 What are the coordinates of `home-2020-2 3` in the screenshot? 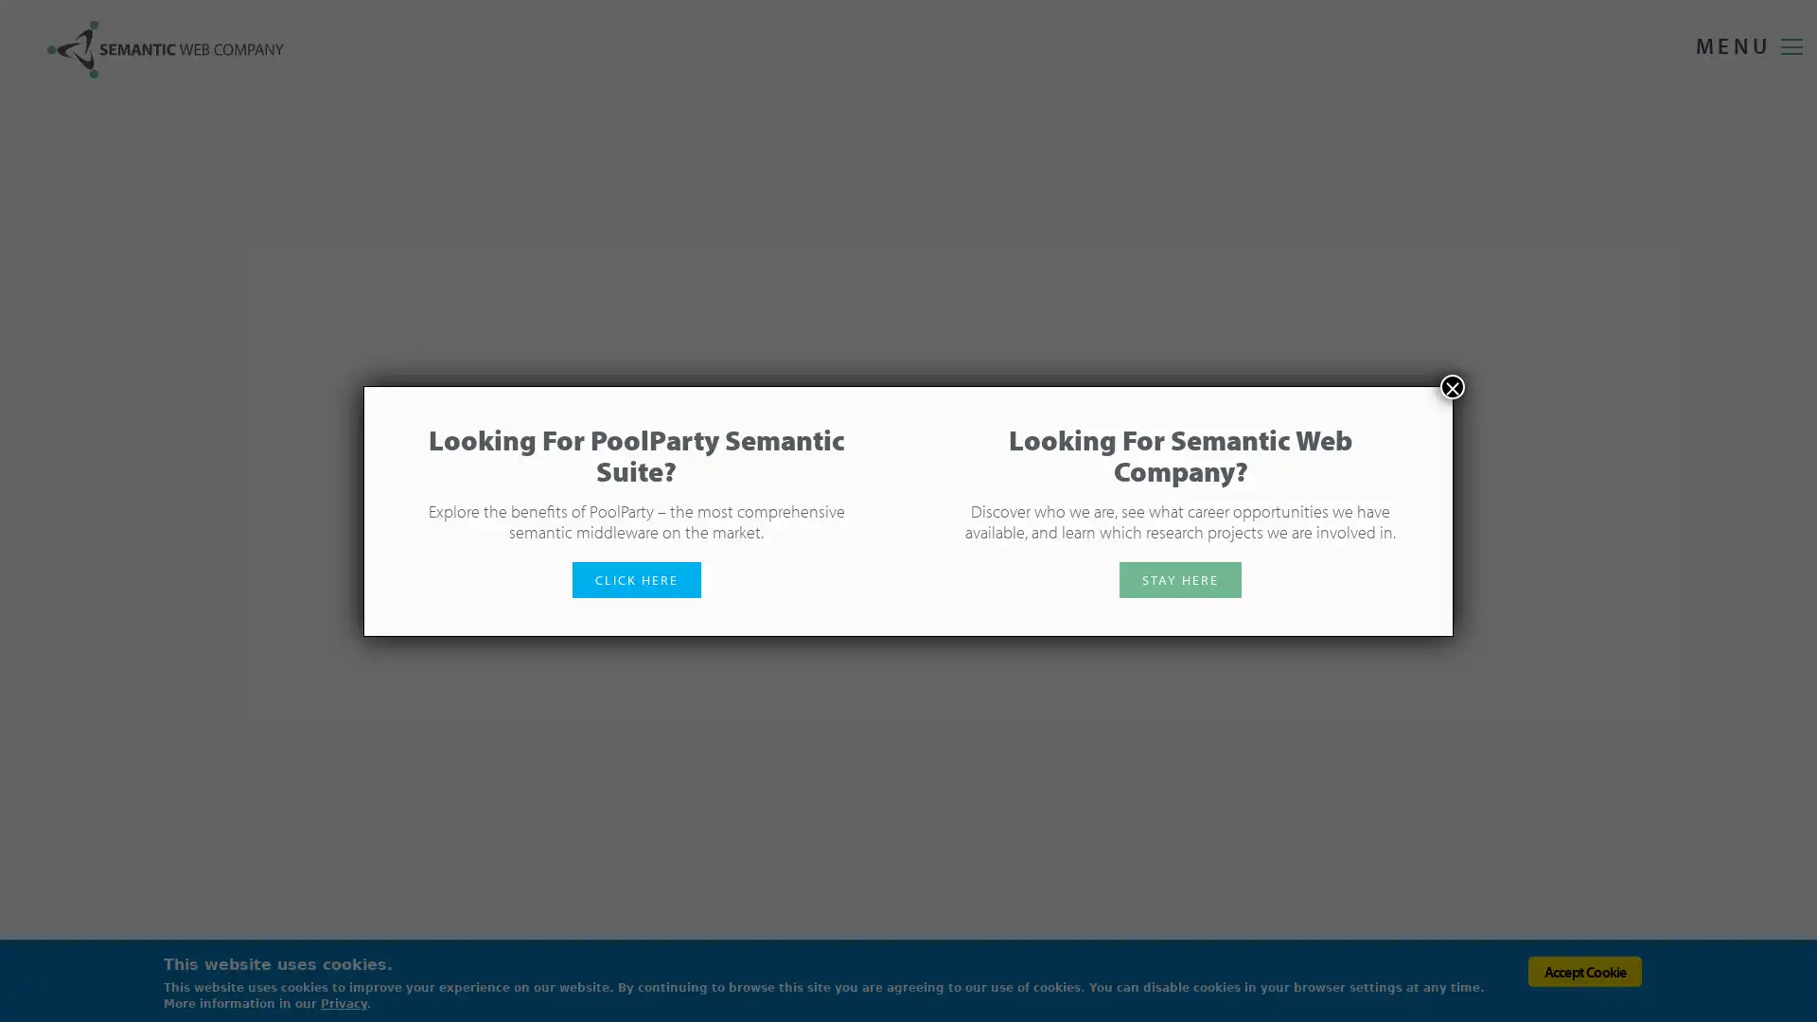 It's located at (1760, 511).